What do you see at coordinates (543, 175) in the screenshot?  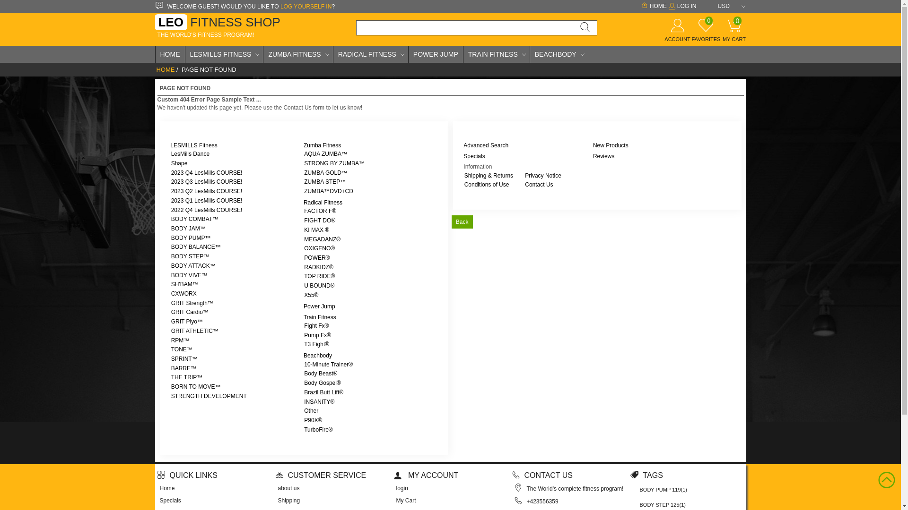 I see `'Privacy Notice'` at bounding box center [543, 175].